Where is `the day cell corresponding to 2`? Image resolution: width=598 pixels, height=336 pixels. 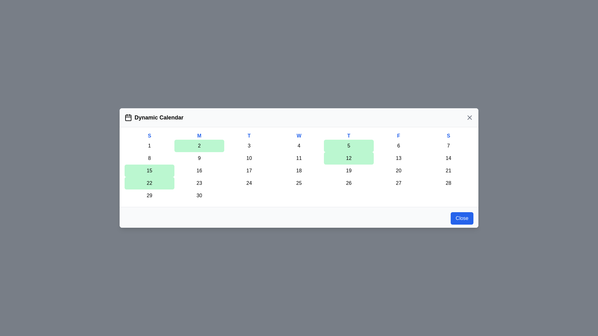
the day cell corresponding to 2 is located at coordinates (199, 146).